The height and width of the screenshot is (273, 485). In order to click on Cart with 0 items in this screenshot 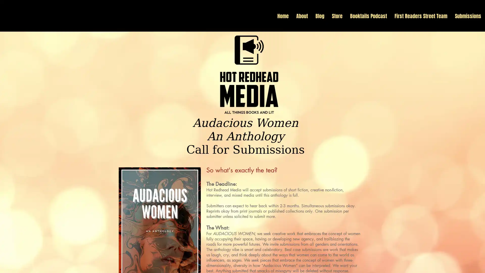, I will do `click(480, 29)`.